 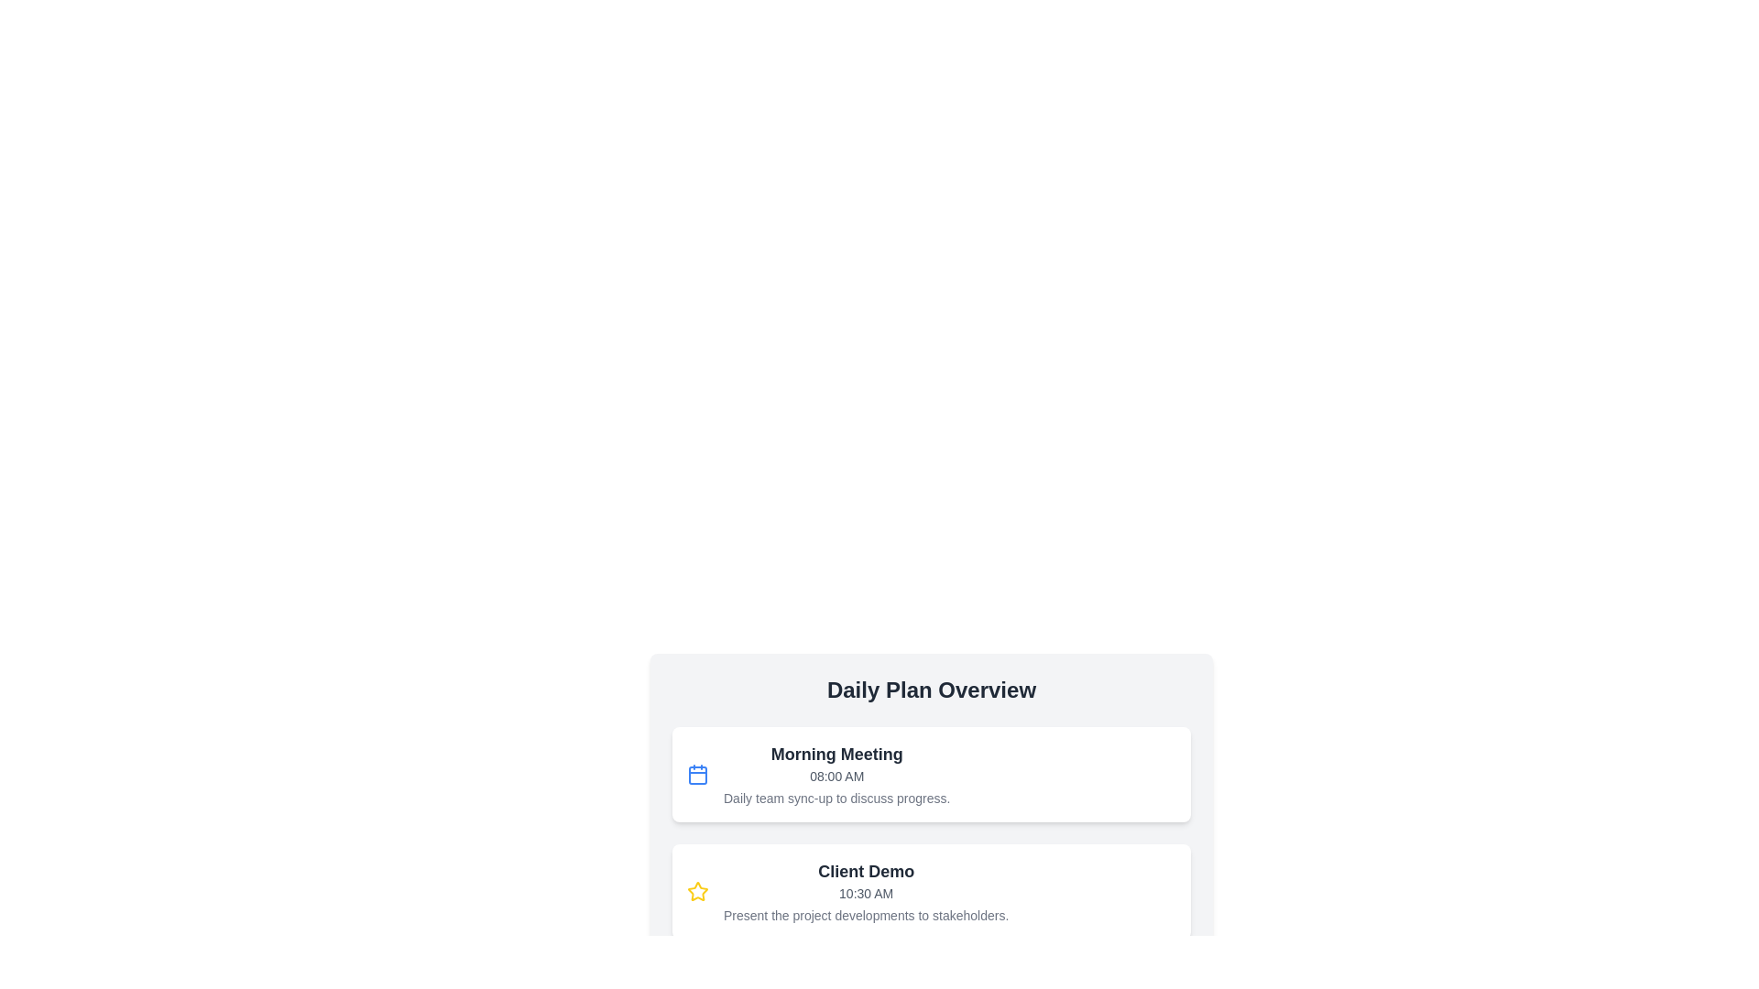 What do you see at coordinates (697, 890) in the screenshot?
I see `the star-shaped icon with a yellow border and white-filled center located on the left side of the 'Client Demo' appointment block in the 'Daily Plan Overview' section` at bounding box center [697, 890].